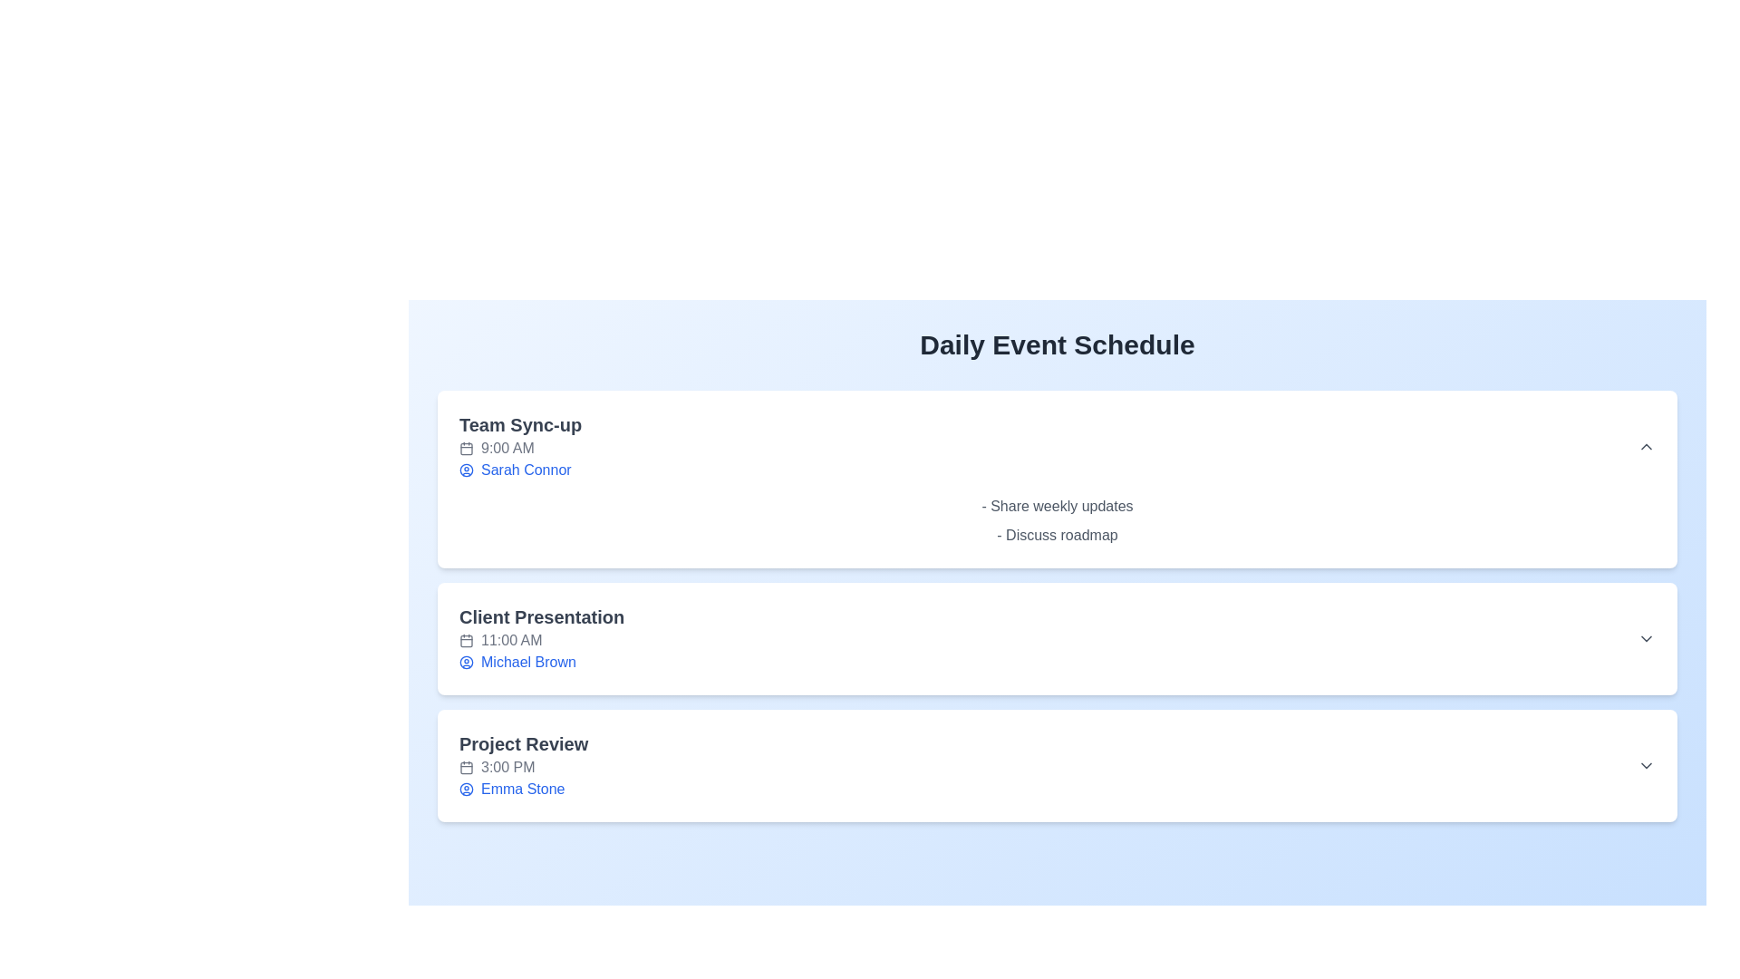  Describe the element at coordinates (466, 663) in the screenshot. I see `the Visual Icon representing the user profile located next to the text 'Sarah Connor' in the 'Team Sync-up' event card` at that location.